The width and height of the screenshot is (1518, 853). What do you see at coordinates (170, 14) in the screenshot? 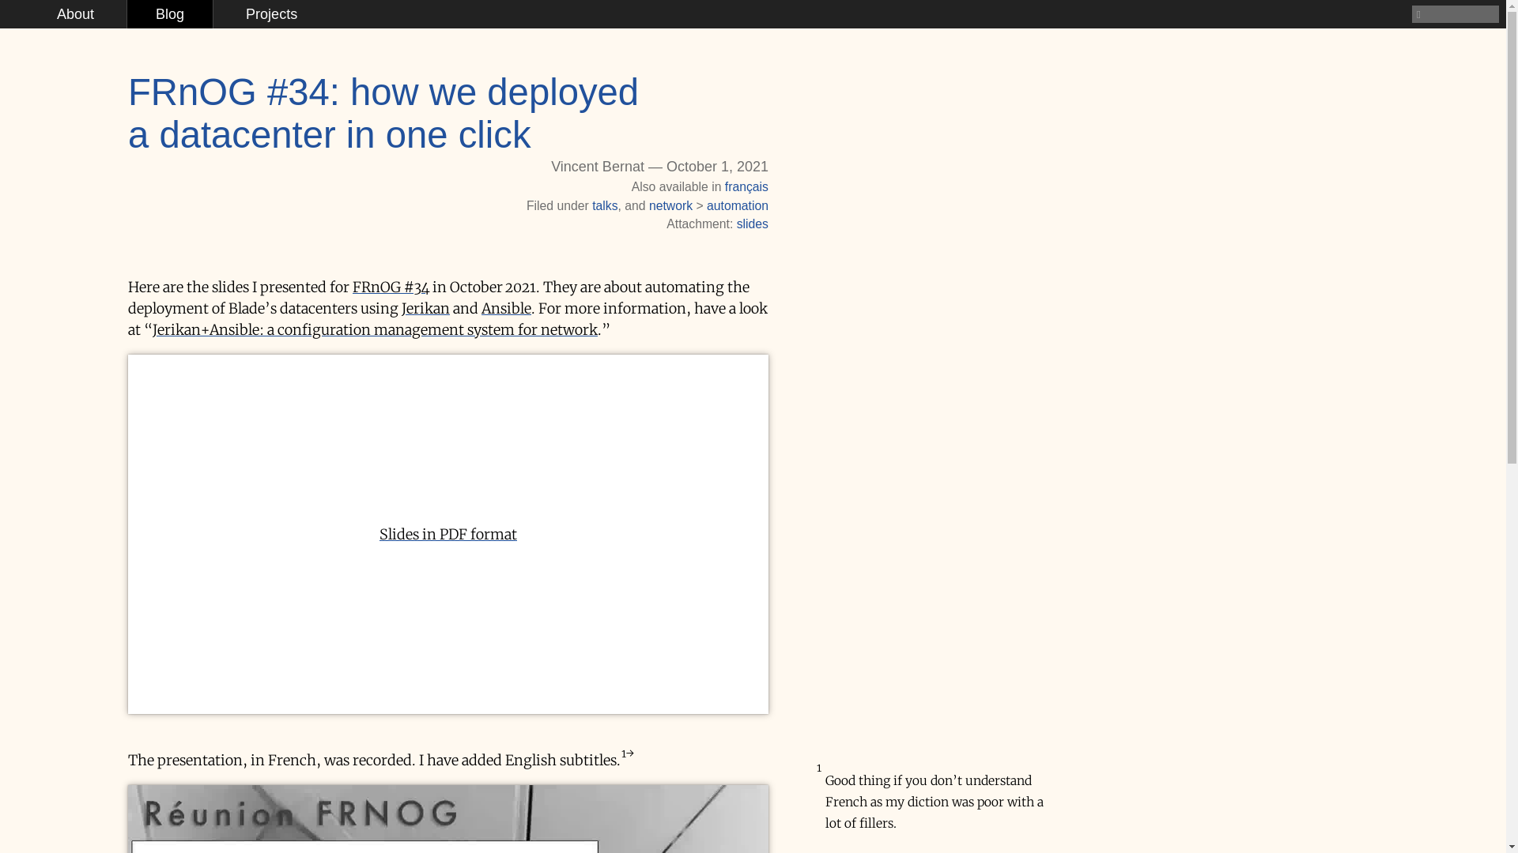
I see `'Blog'` at bounding box center [170, 14].